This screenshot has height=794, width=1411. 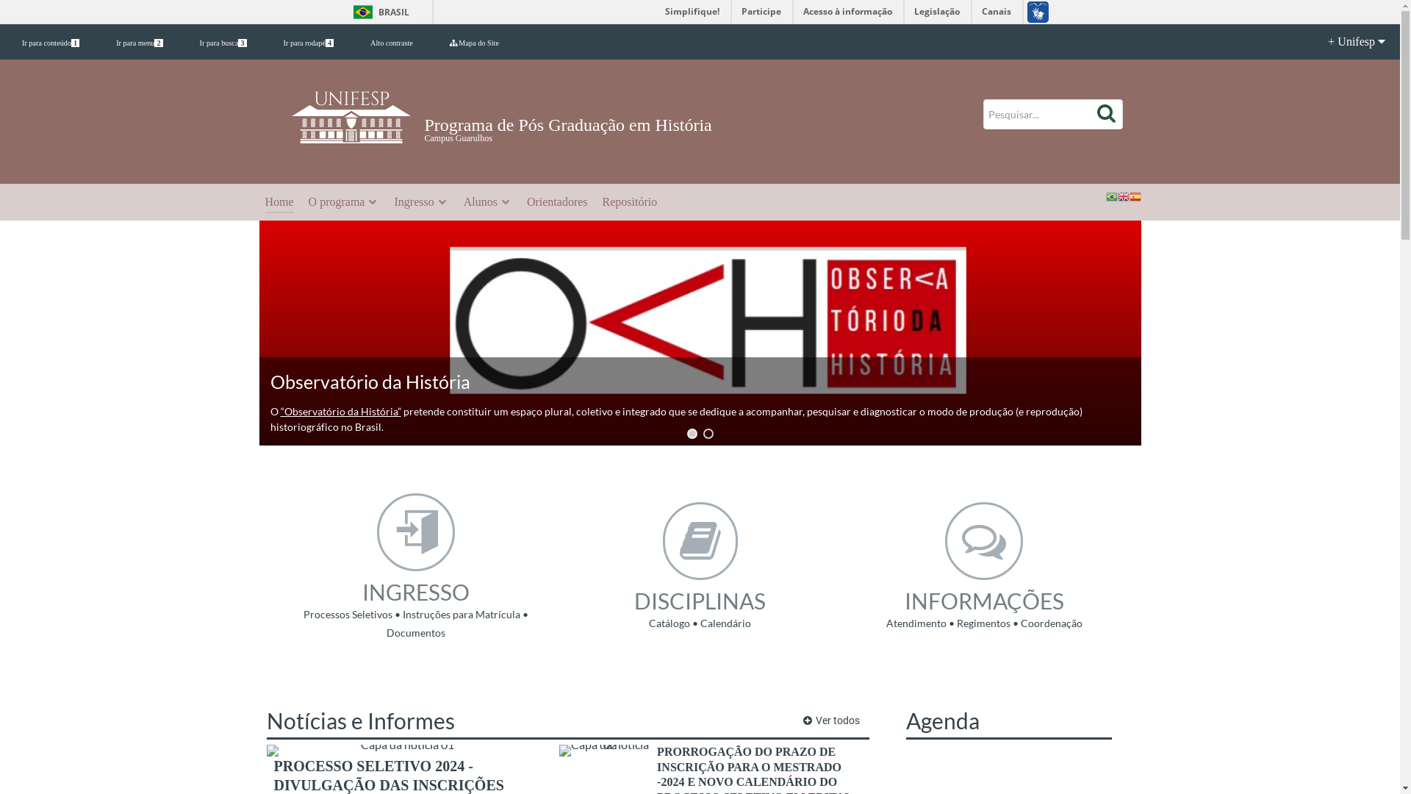 What do you see at coordinates (831, 720) in the screenshot?
I see `'Ver todos'` at bounding box center [831, 720].